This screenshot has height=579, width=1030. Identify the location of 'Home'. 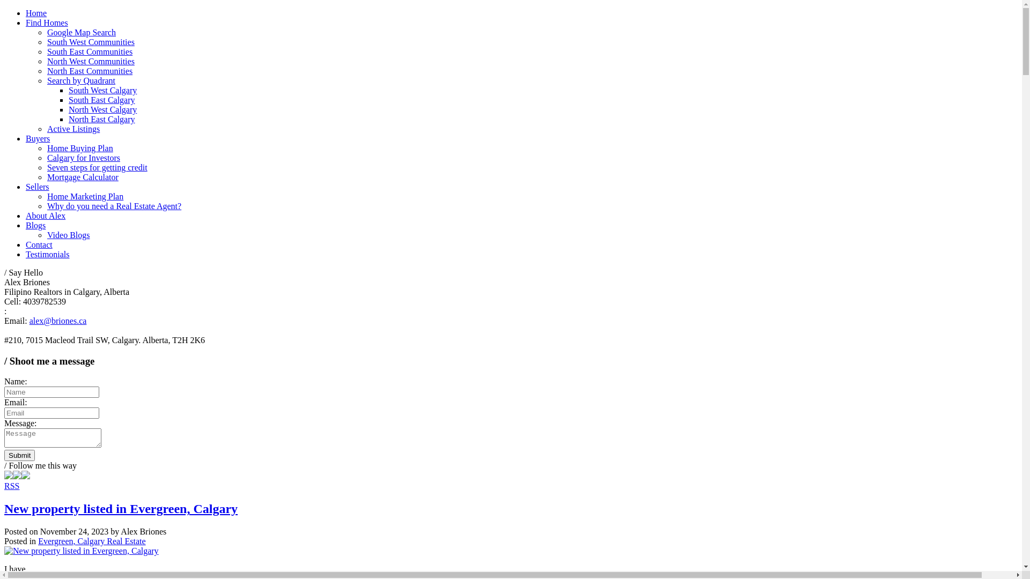
(36, 13).